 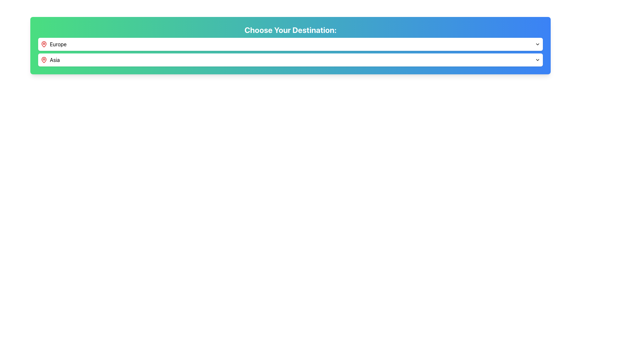 I want to click on the first option item labeled 'Europe', which contains a red map pin icon and is positioned in a horizontal layout with a white background, so click(x=53, y=44).